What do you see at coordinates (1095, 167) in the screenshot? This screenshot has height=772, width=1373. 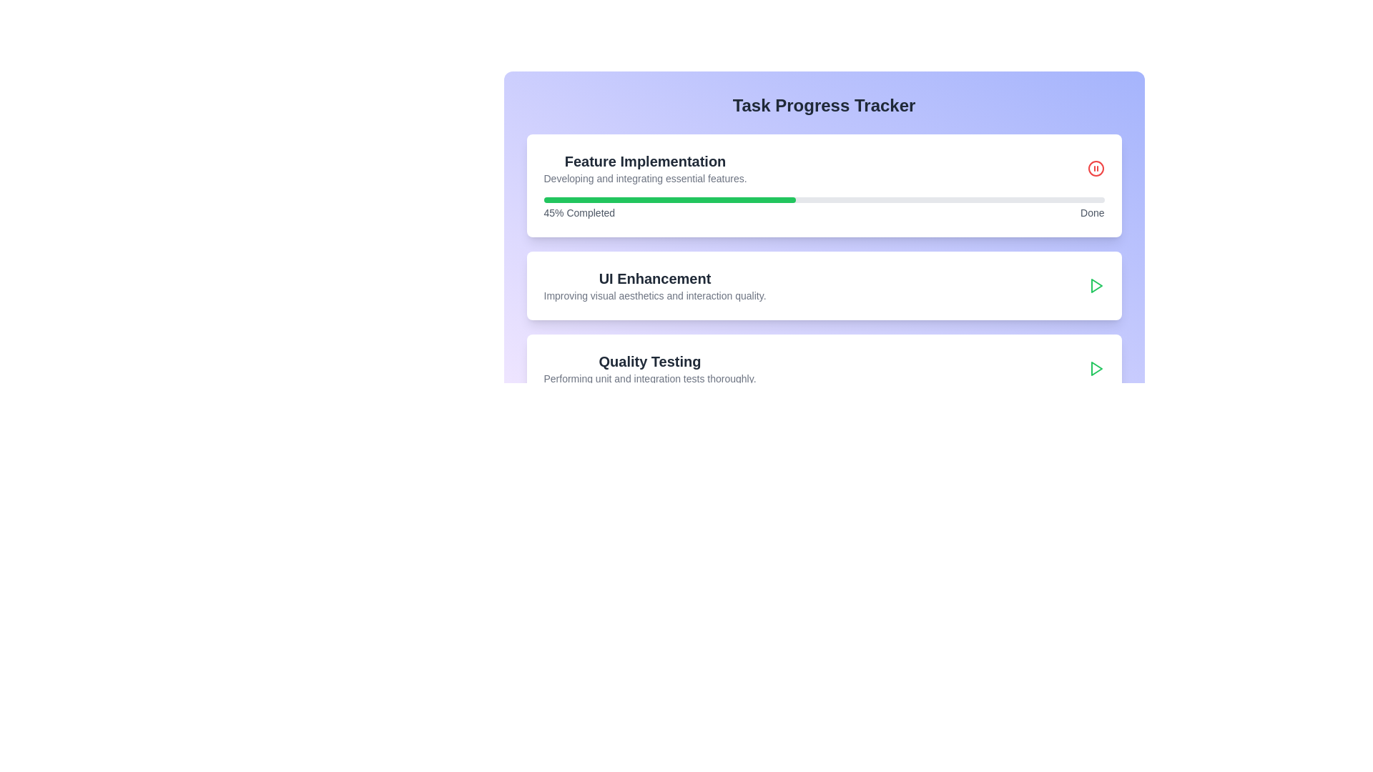 I see `the button positioned at the far right of the 'Feature Implementation' card` at bounding box center [1095, 167].